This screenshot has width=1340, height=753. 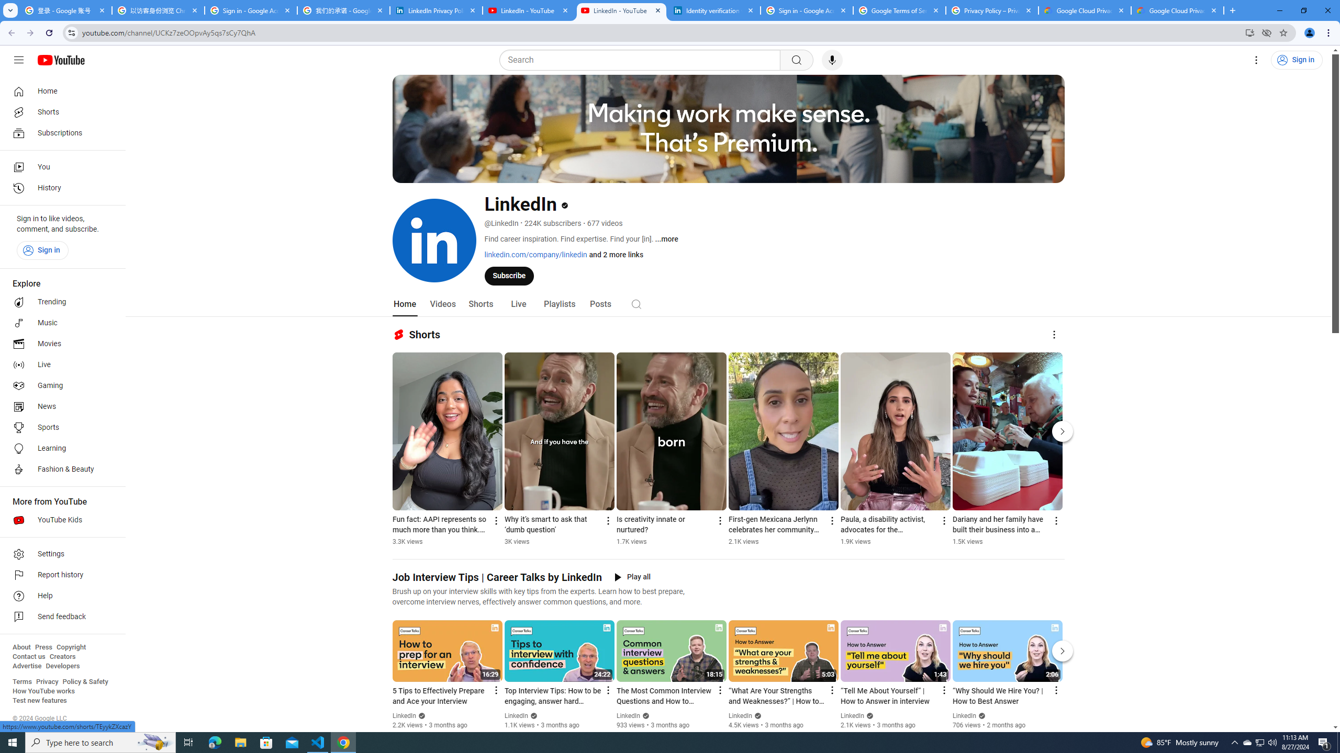 I want to click on 'Playlists', so click(x=559, y=304).